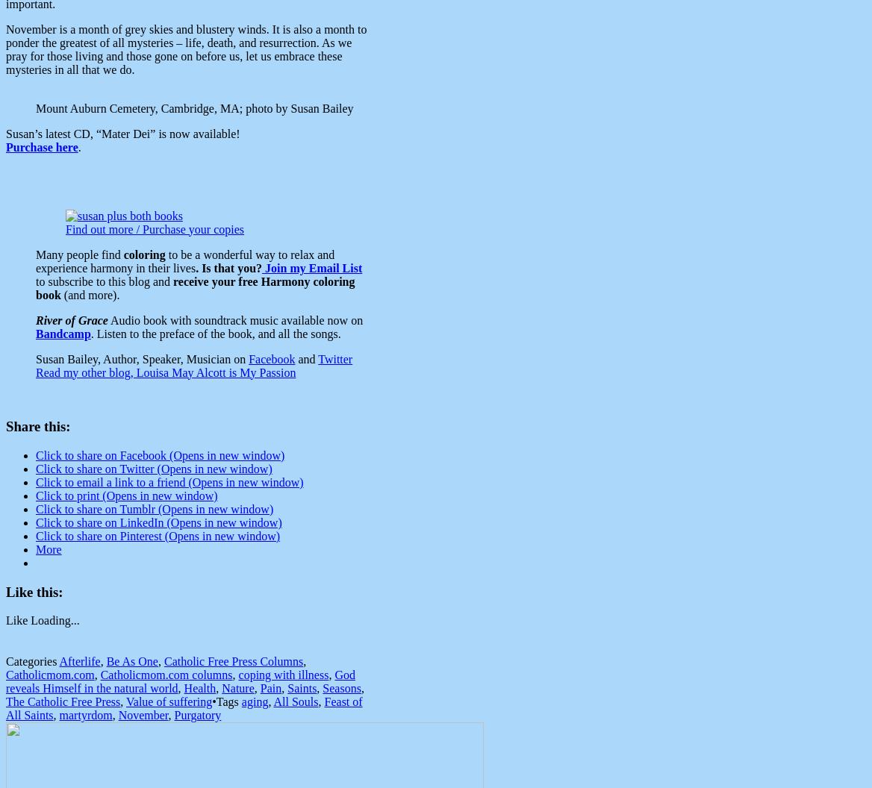  What do you see at coordinates (301, 687) in the screenshot?
I see `'Saints'` at bounding box center [301, 687].